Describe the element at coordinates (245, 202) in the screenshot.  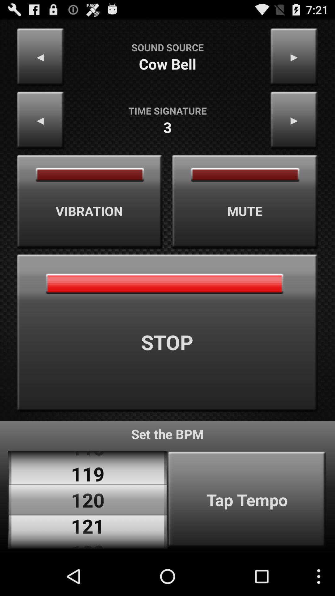
I see `the mute` at that location.